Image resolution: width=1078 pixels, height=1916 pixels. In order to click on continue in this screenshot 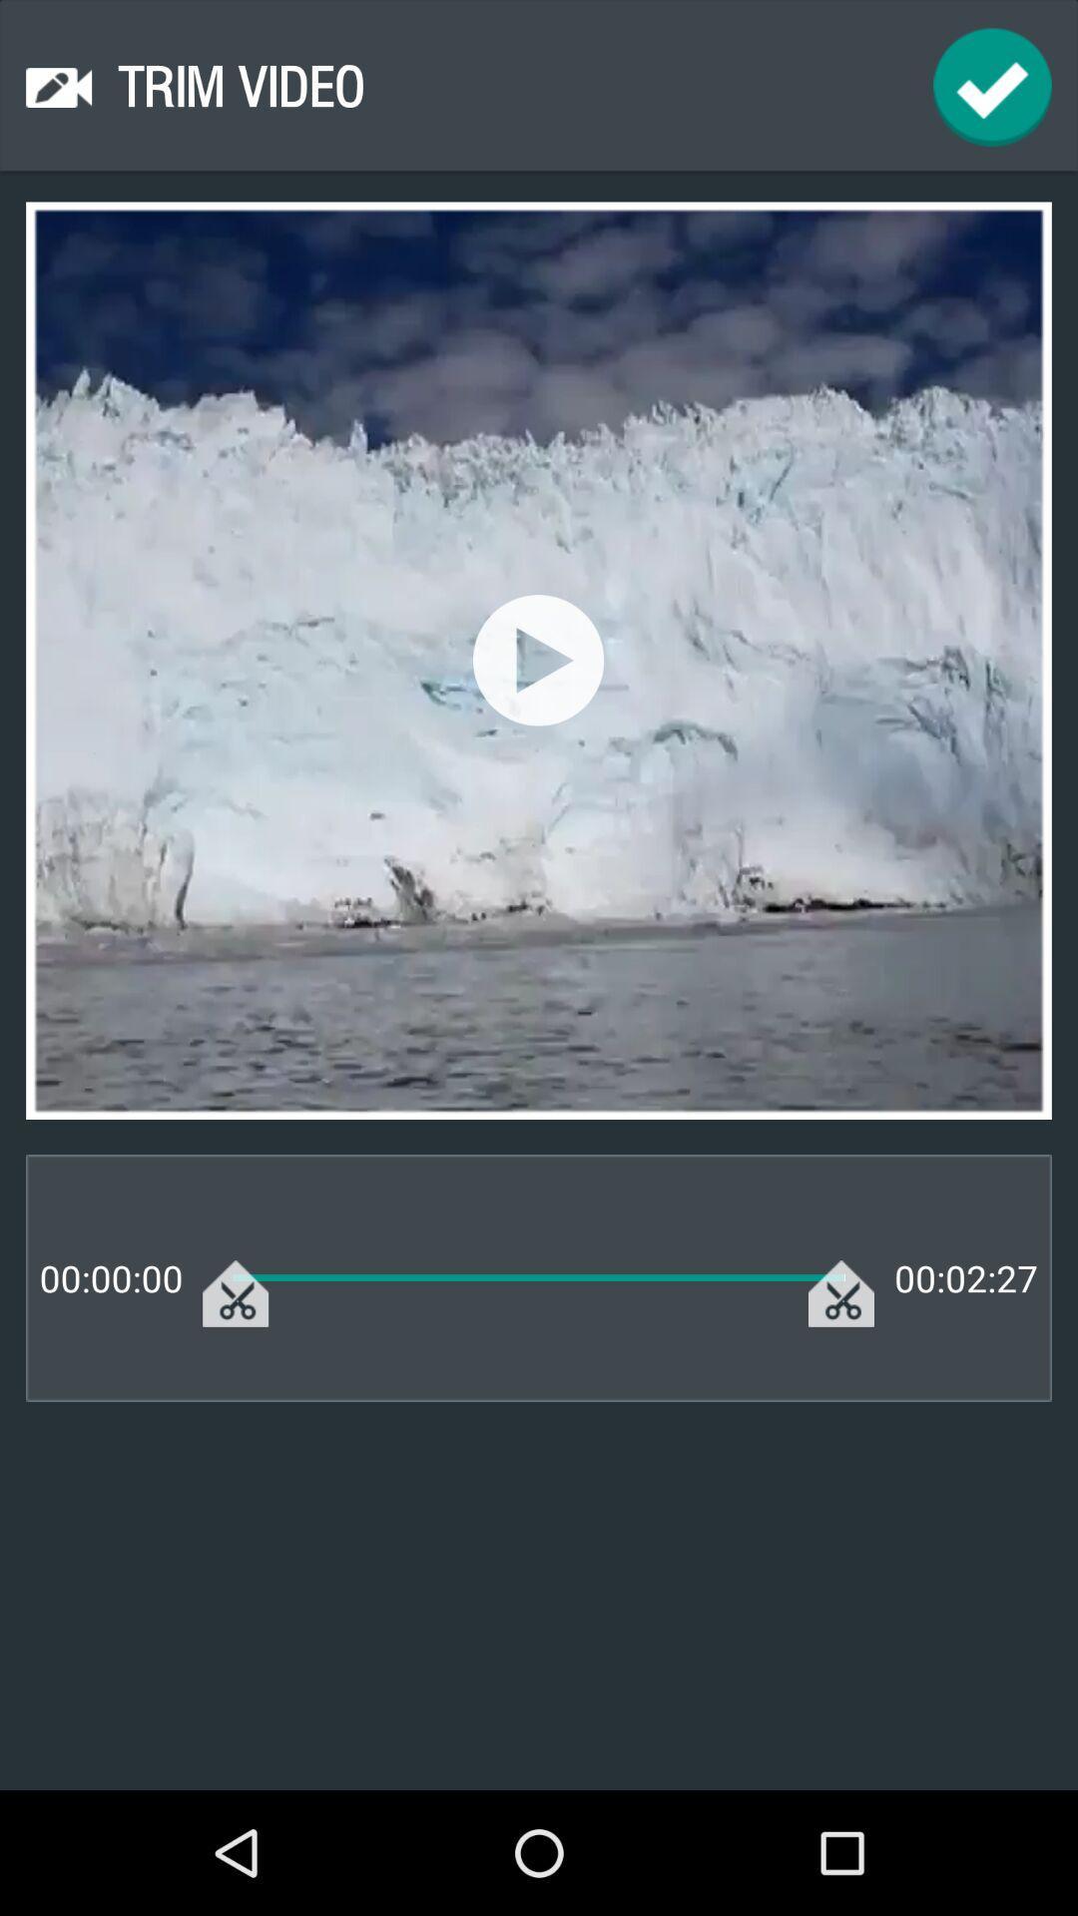, I will do `click(992, 86)`.